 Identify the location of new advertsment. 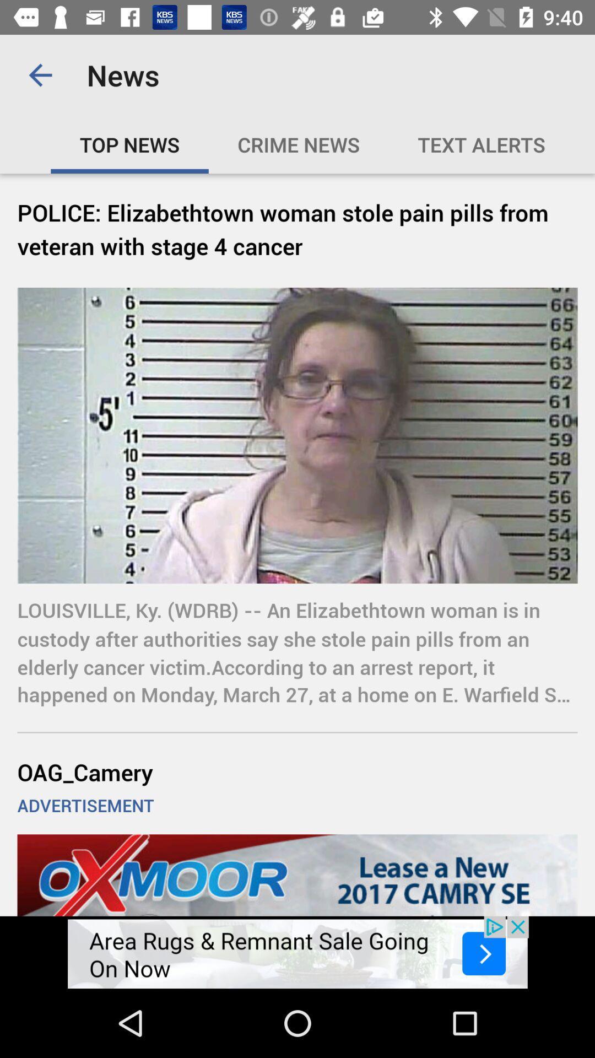
(297, 952).